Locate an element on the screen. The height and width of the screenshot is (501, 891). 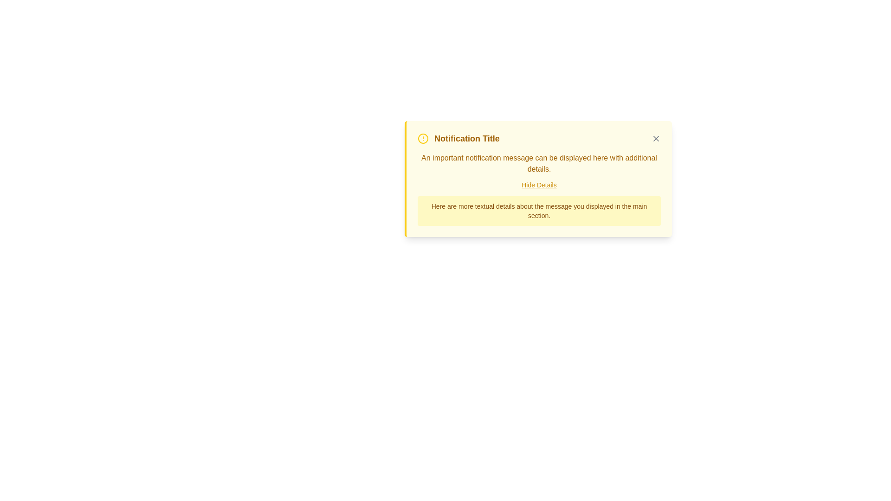
the hyperlink that toggles additional notification details, located centrally within the notification panel, directly below the main notification message is located at coordinates (539, 185).